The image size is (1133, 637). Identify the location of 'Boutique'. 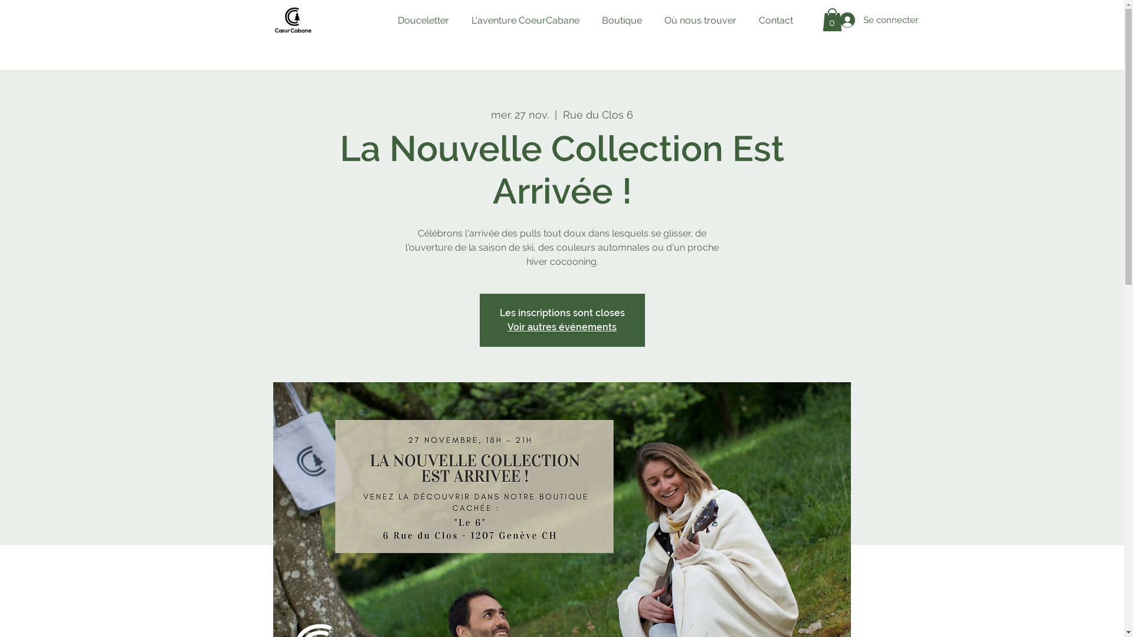
(620, 20).